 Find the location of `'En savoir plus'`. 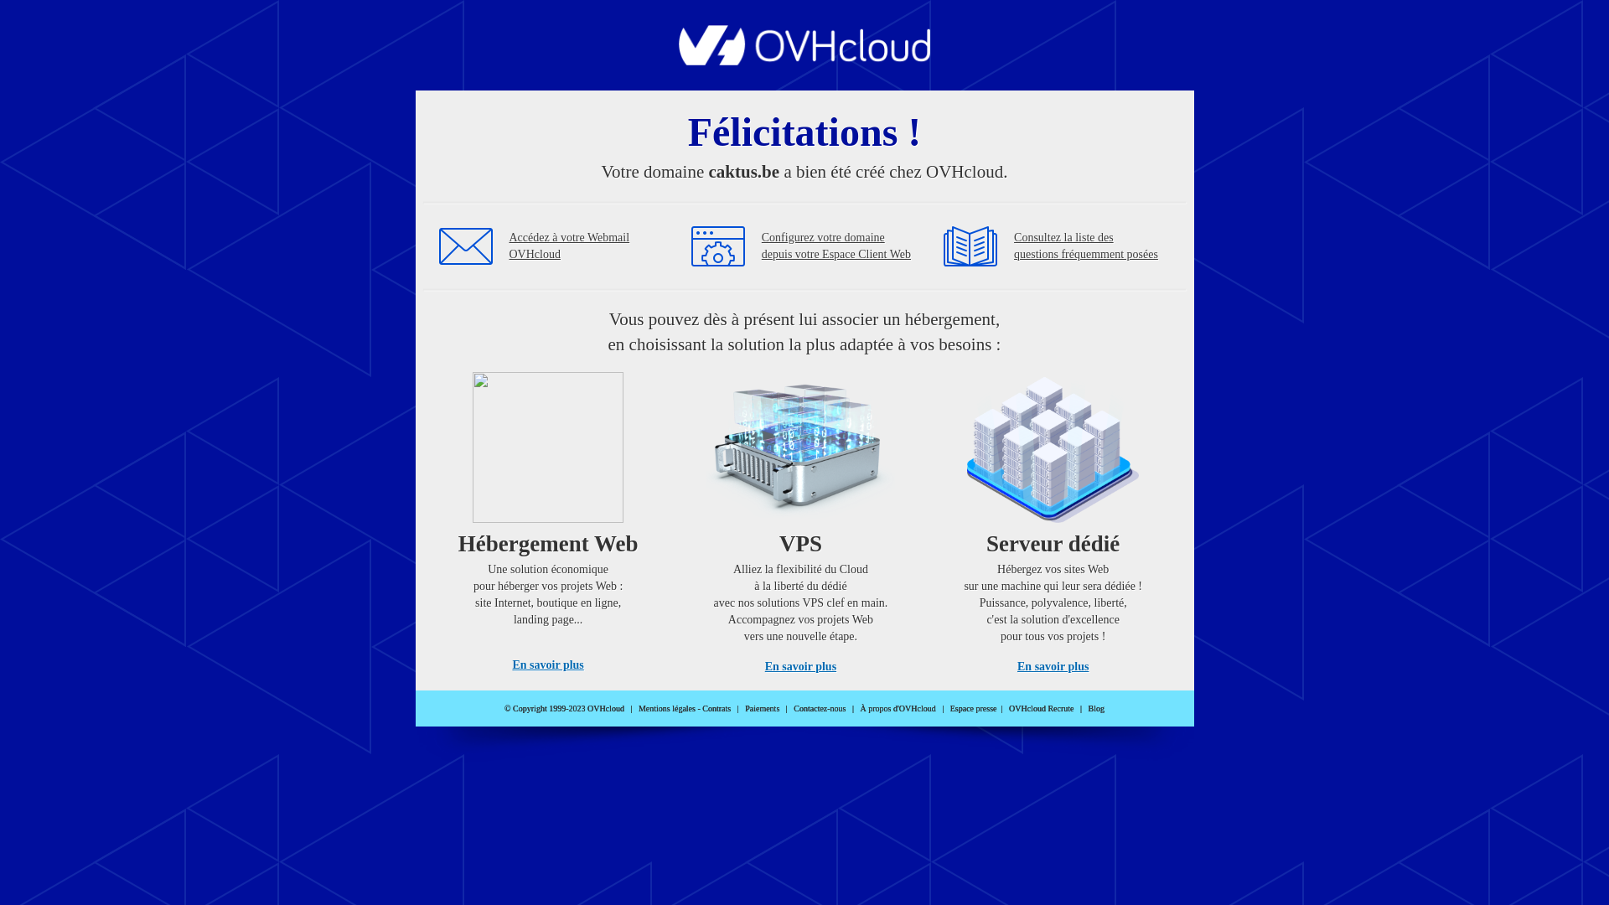

'En savoir plus' is located at coordinates (510, 664).